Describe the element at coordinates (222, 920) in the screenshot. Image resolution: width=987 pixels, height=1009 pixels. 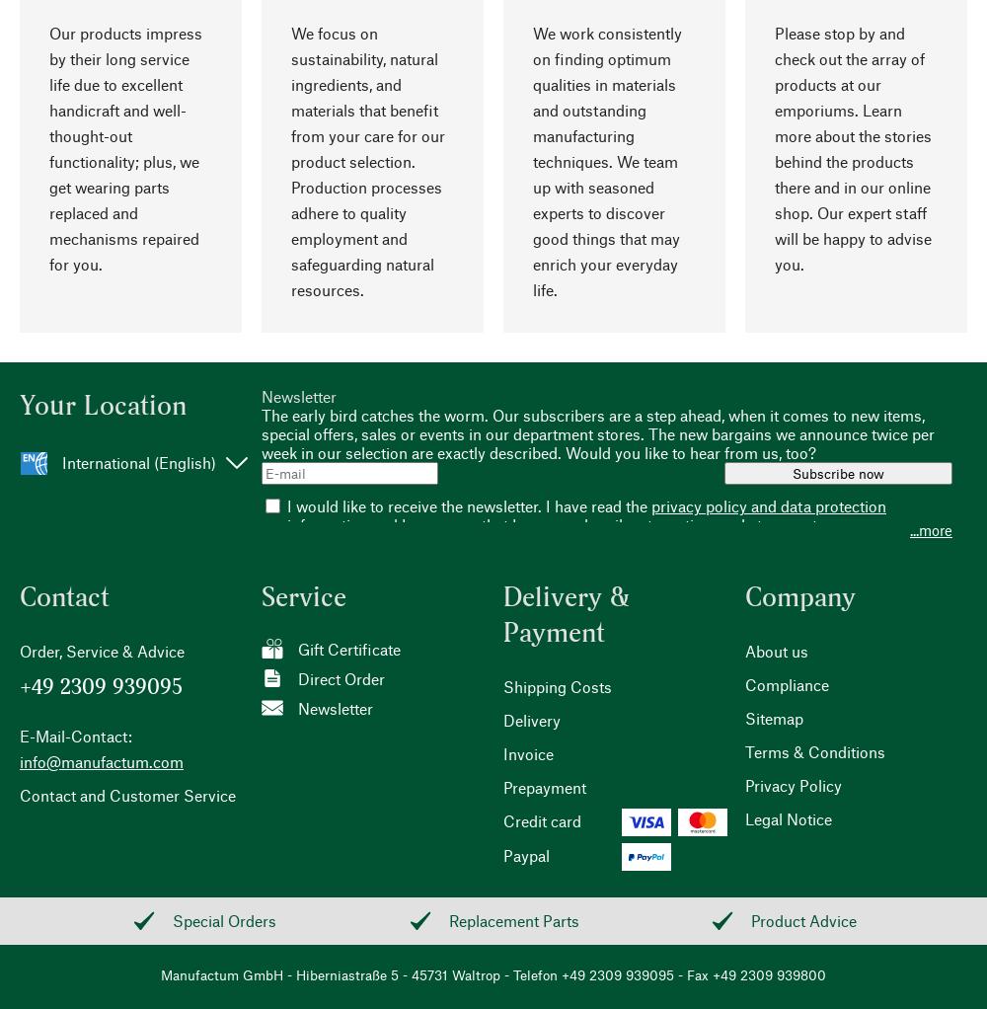
I see `'Special Orders'` at that location.